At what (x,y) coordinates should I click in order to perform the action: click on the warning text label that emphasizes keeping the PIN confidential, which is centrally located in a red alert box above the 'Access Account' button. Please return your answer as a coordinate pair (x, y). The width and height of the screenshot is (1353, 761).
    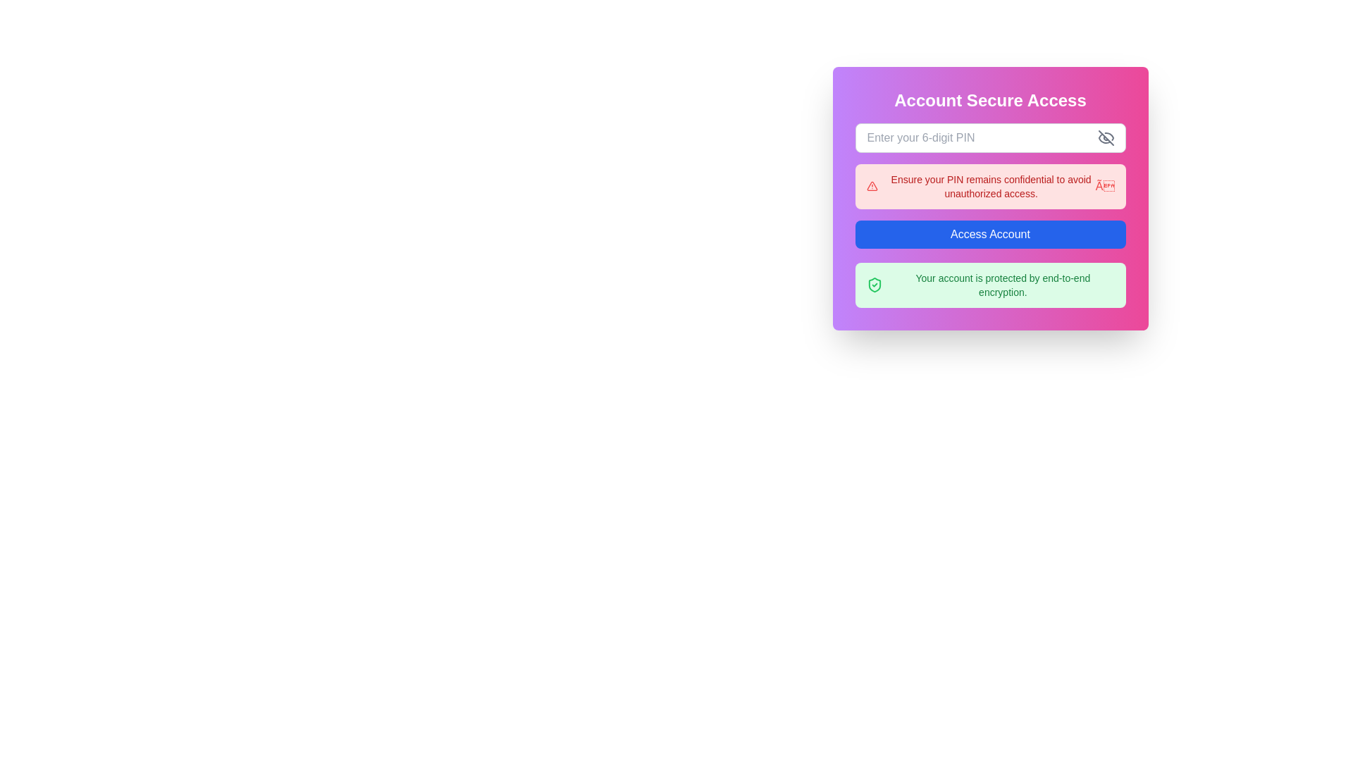
    Looking at the image, I should click on (990, 186).